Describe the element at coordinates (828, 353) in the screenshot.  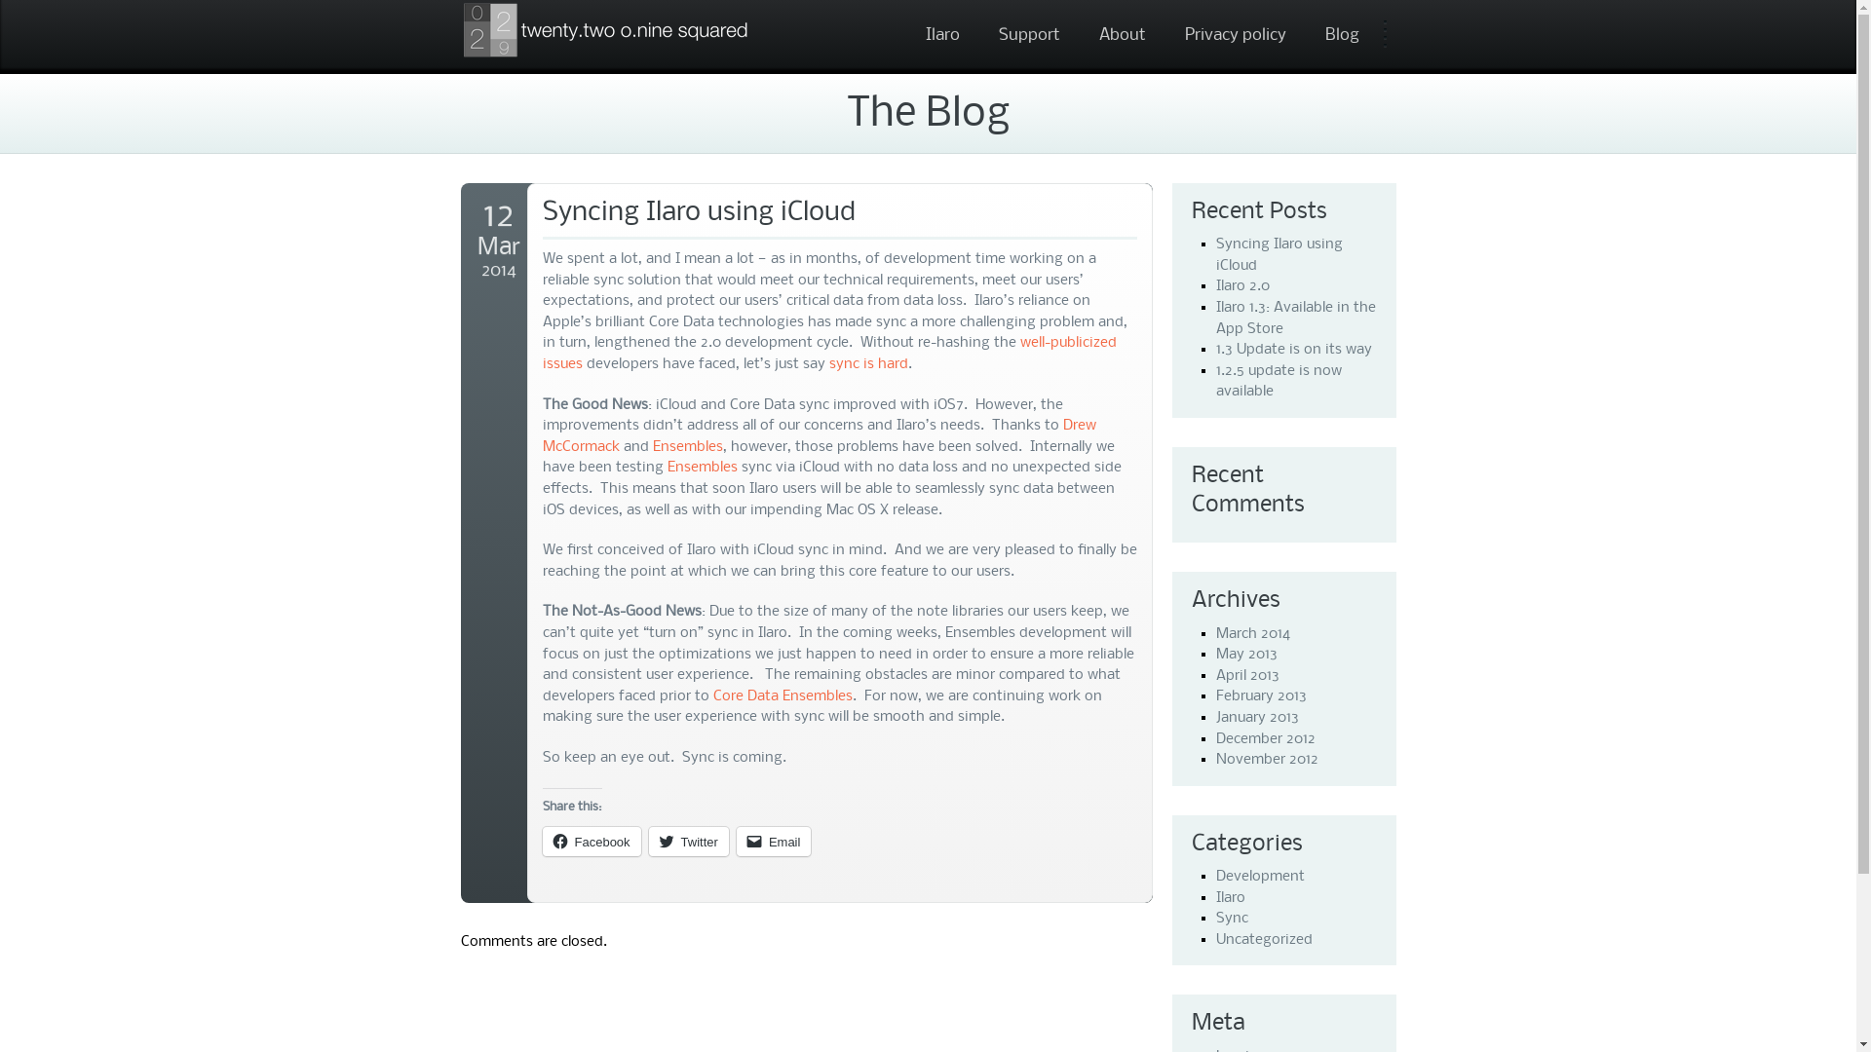
I see `'well-publicized issues'` at that location.